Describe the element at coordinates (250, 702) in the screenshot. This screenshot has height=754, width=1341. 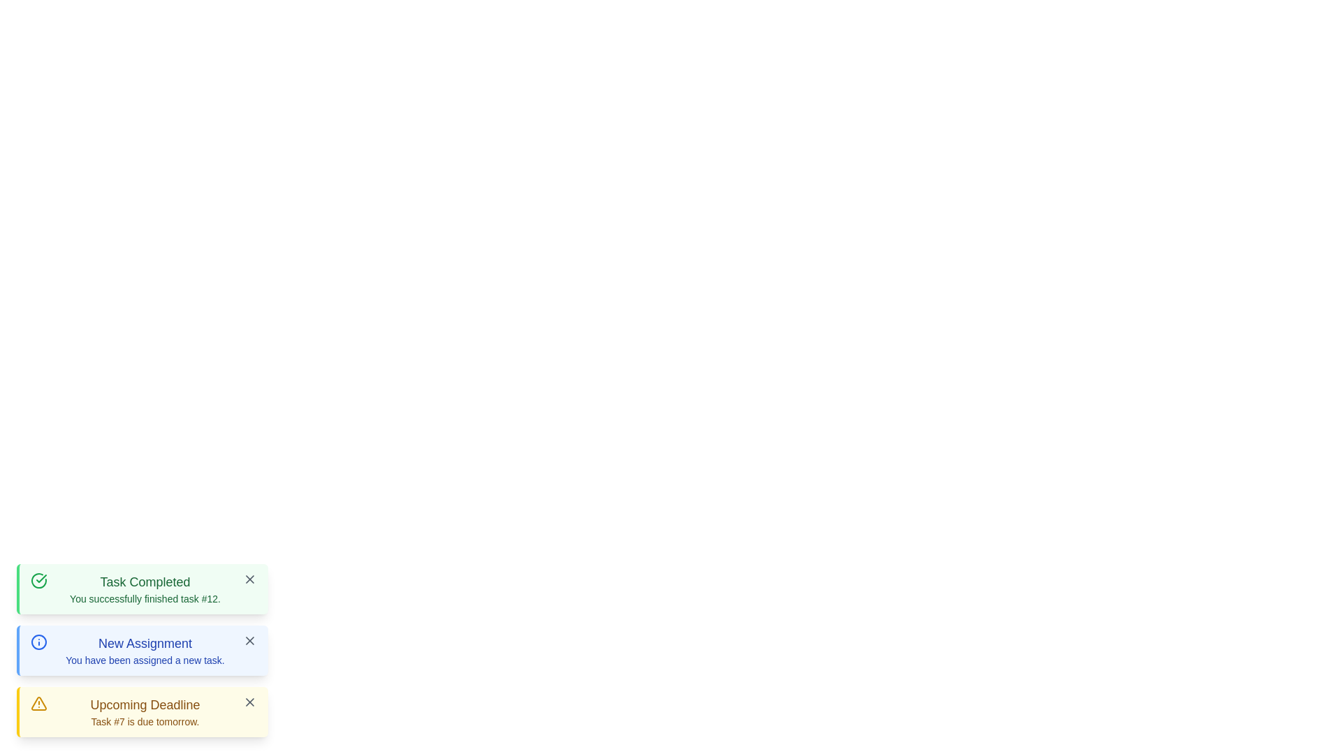
I see `the 'X' icon in the bottom notification labeled 'Upcoming Deadline'` at that location.